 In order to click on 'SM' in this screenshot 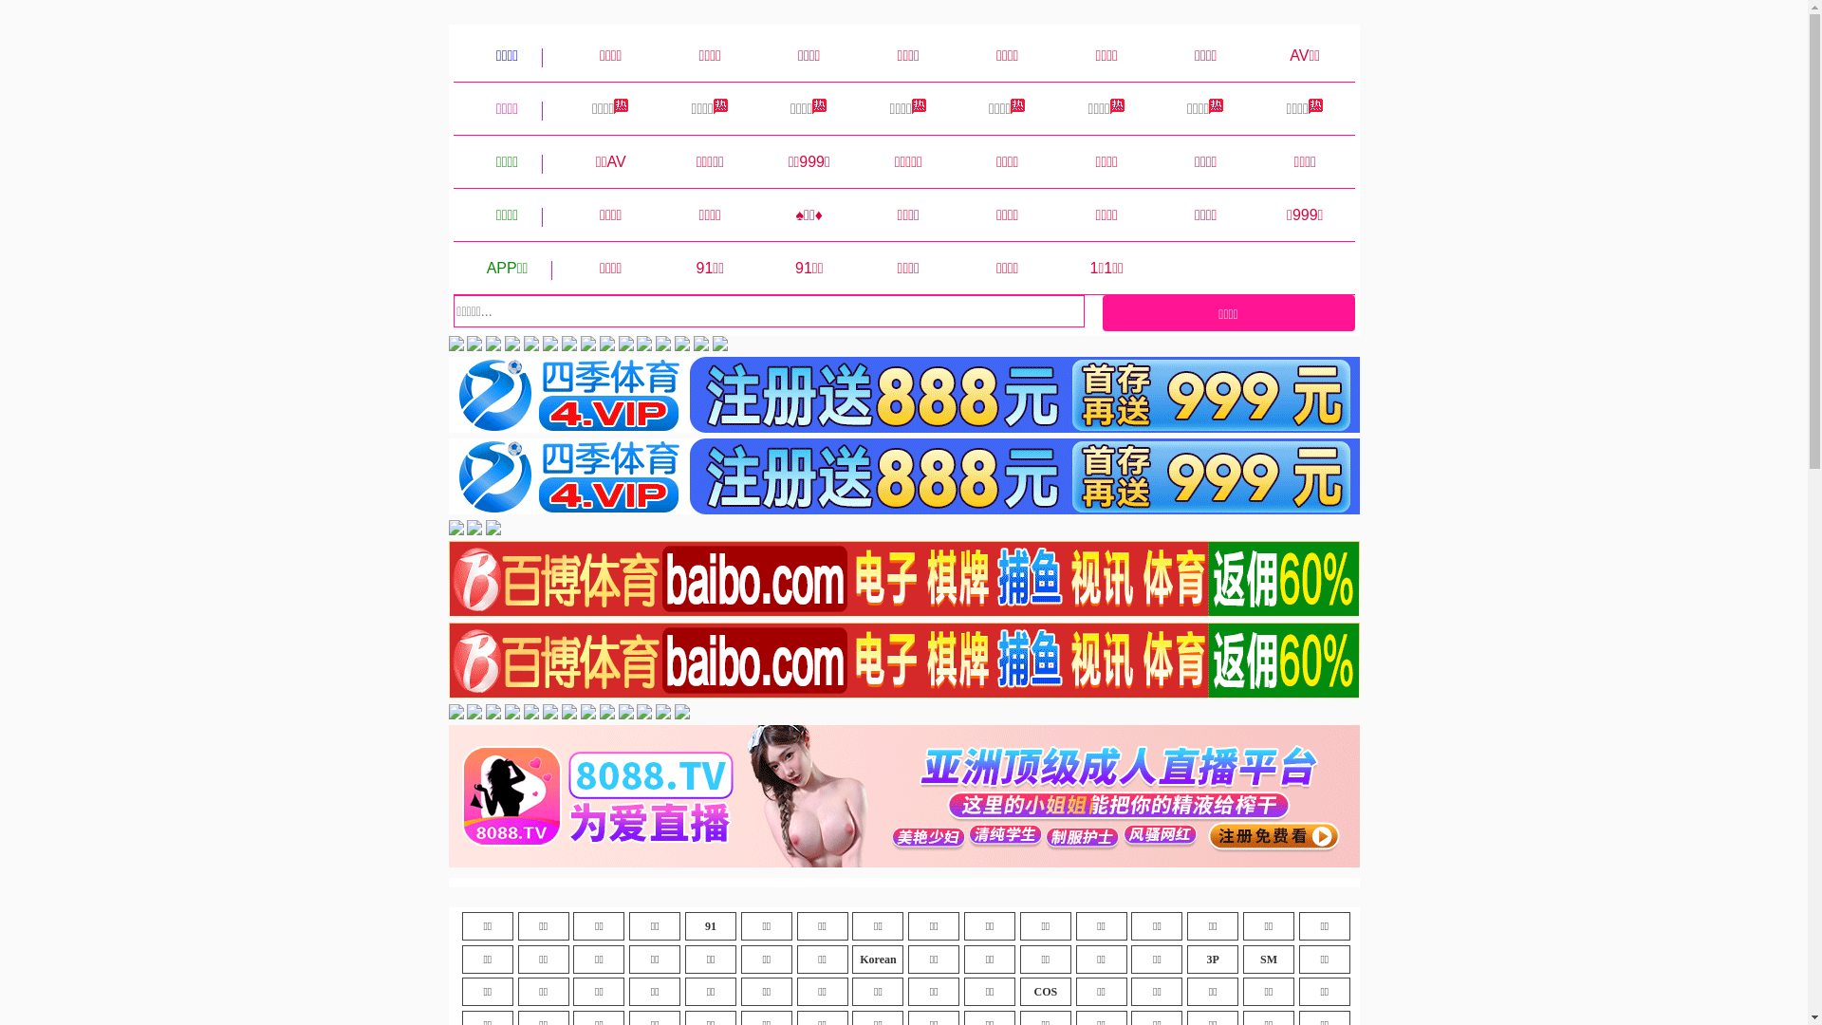, I will do `click(1269, 959)`.